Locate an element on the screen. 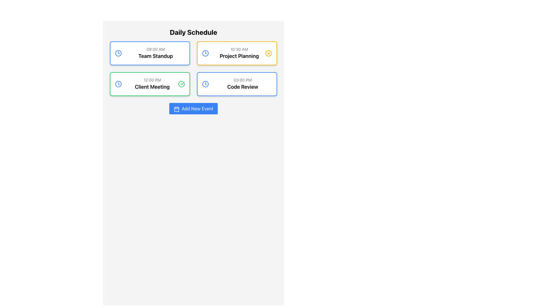 The height and width of the screenshot is (308, 548). the graphical icon located in the top-right corner of the 'Project Planning' event box, which serves as an interactive close/delete button is located at coordinates (268, 53).